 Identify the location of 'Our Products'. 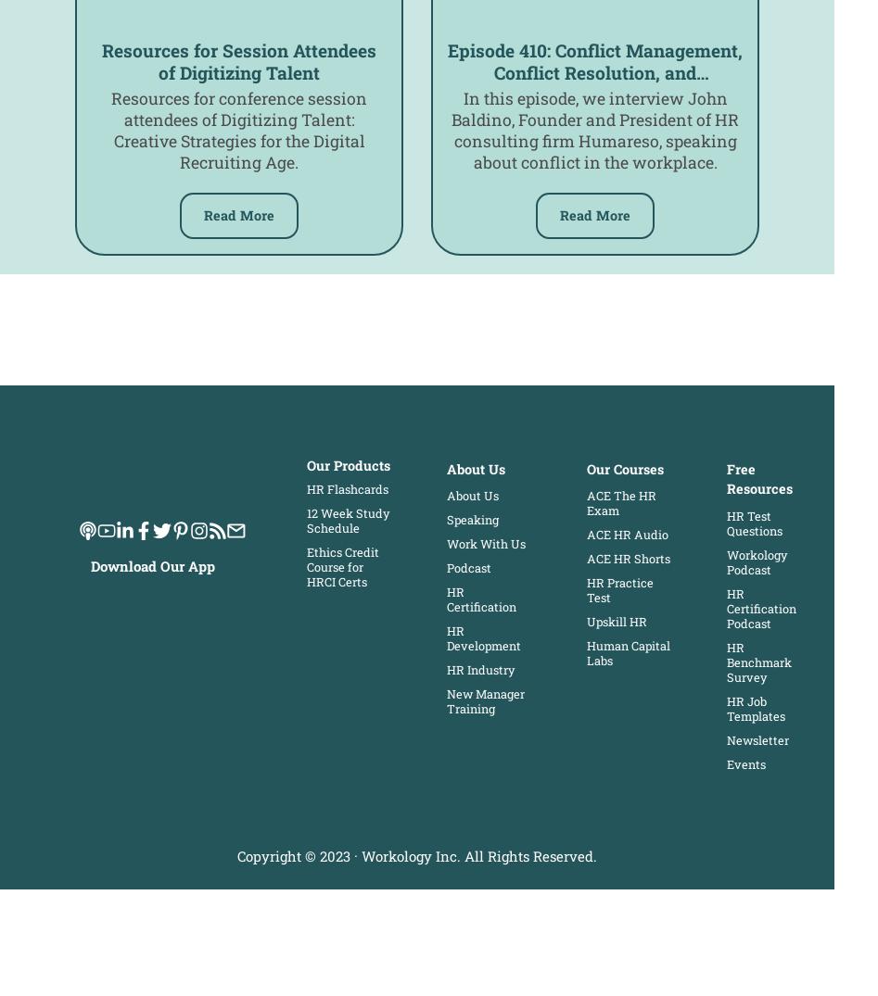
(347, 463).